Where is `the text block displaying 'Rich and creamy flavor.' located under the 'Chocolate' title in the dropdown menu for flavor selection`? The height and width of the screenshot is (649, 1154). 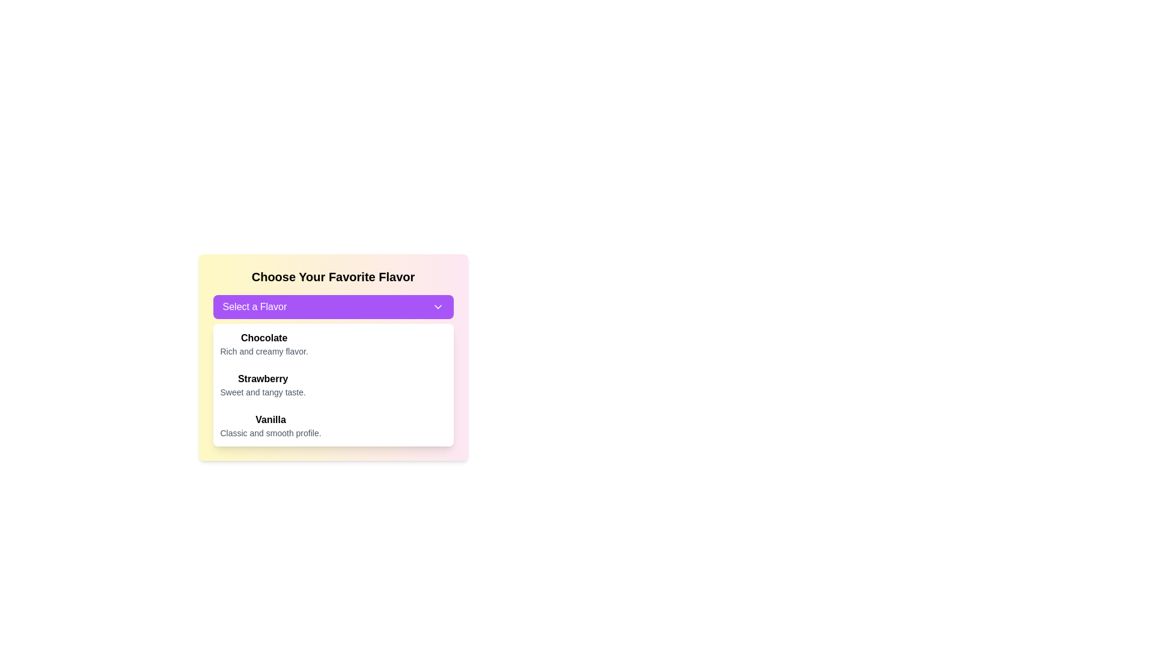
the text block displaying 'Rich and creamy flavor.' located under the 'Chocolate' title in the dropdown menu for flavor selection is located at coordinates (263, 352).